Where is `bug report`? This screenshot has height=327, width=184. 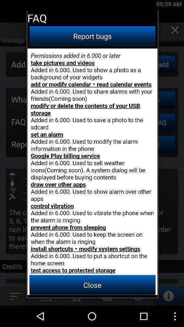
bug report is located at coordinates (92, 171).